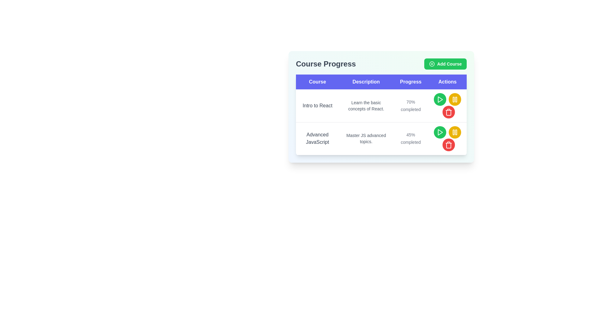 The width and height of the screenshot is (595, 334). What do you see at coordinates (410, 82) in the screenshot?
I see `the 'Progress' label, which is the third button from the left in a row of four buttons labeled 'Course', 'Description', 'Progress', and 'Actions'` at bounding box center [410, 82].